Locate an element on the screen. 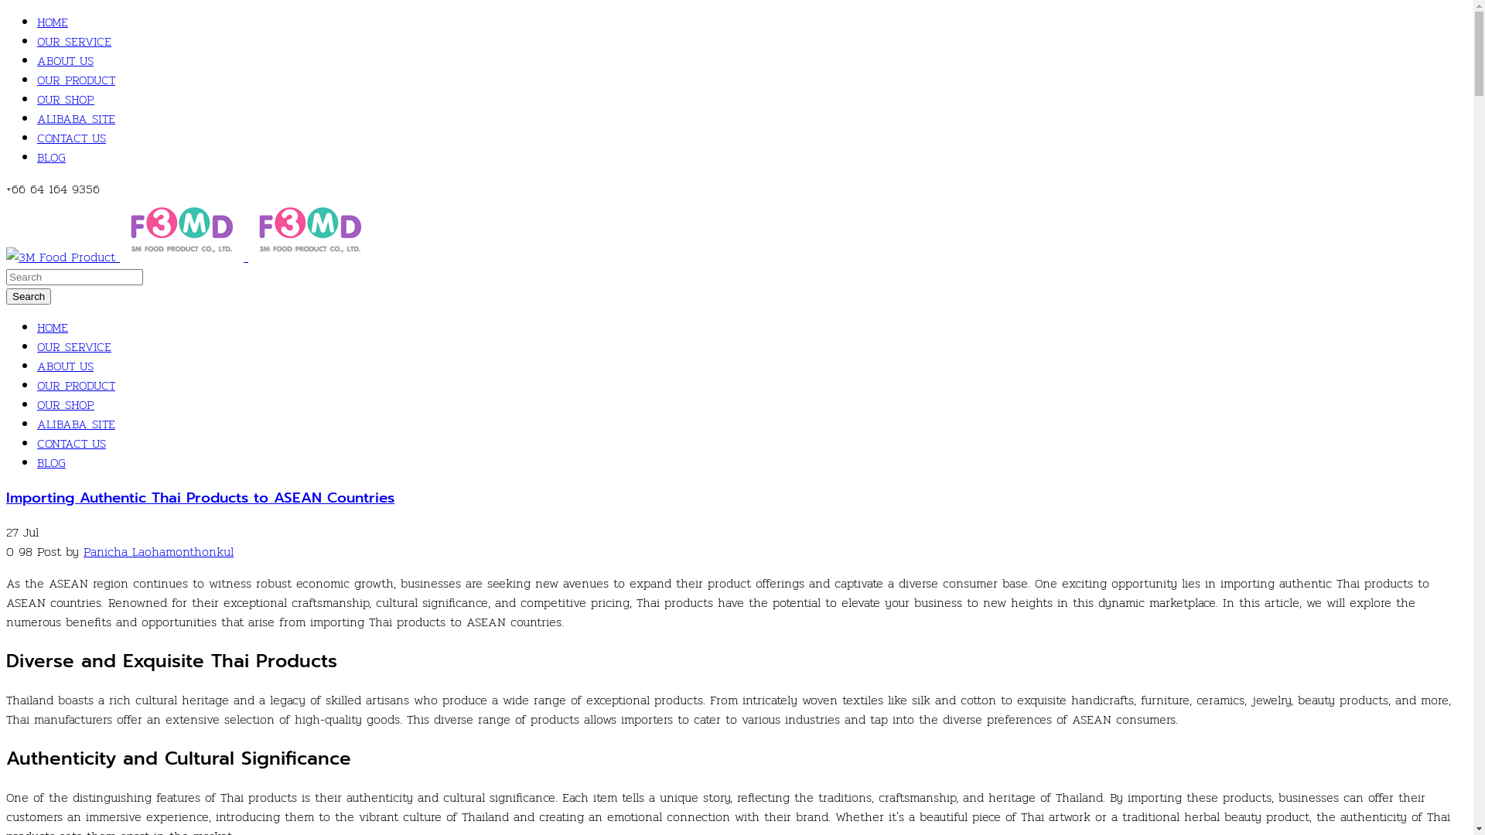  'OUR PRODUCT' is located at coordinates (75, 80).